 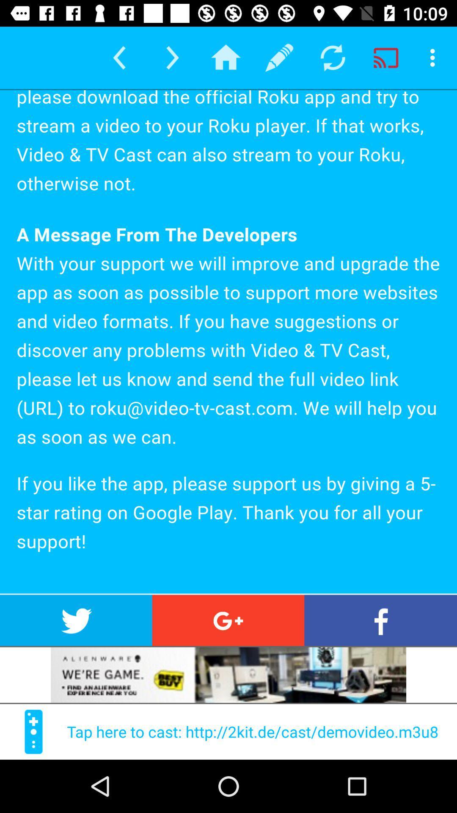 What do you see at coordinates (33, 731) in the screenshot?
I see `tap to cast` at bounding box center [33, 731].